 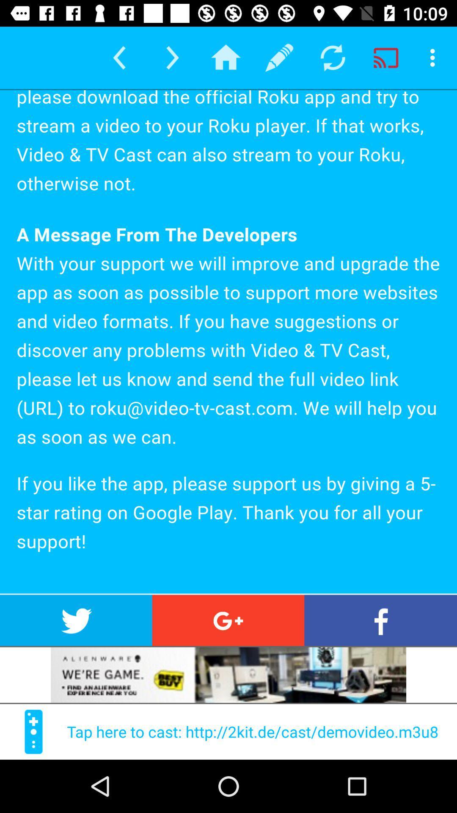 What do you see at coordinates (33, 731) in the screenshot?
I see `tap to cast` at bounding box center [33, 731].